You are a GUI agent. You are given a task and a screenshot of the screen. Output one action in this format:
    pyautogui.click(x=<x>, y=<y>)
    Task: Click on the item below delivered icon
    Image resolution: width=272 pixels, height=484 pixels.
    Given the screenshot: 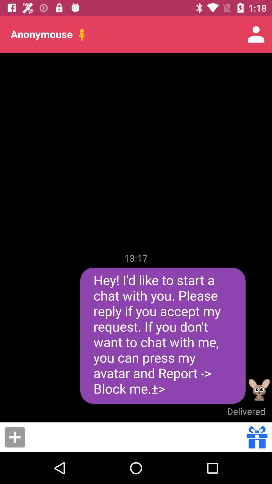 What is the action you would take?
    pyautogui.click(x=257, y=437)
    